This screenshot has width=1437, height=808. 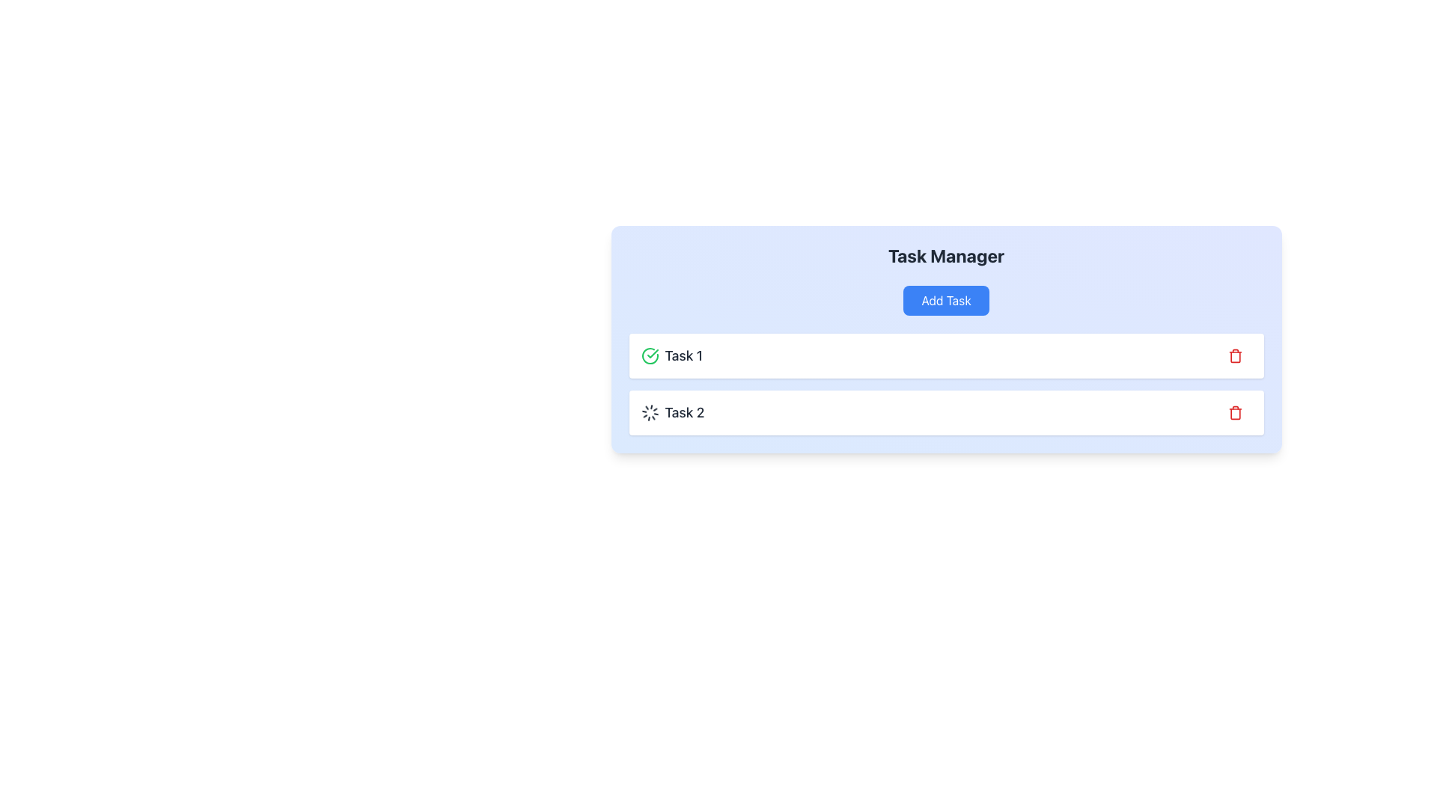 I want to click on the delete button located on the rightmost side of the 'Task 1' card in the task manager interface, so click(x=1235, y=355).